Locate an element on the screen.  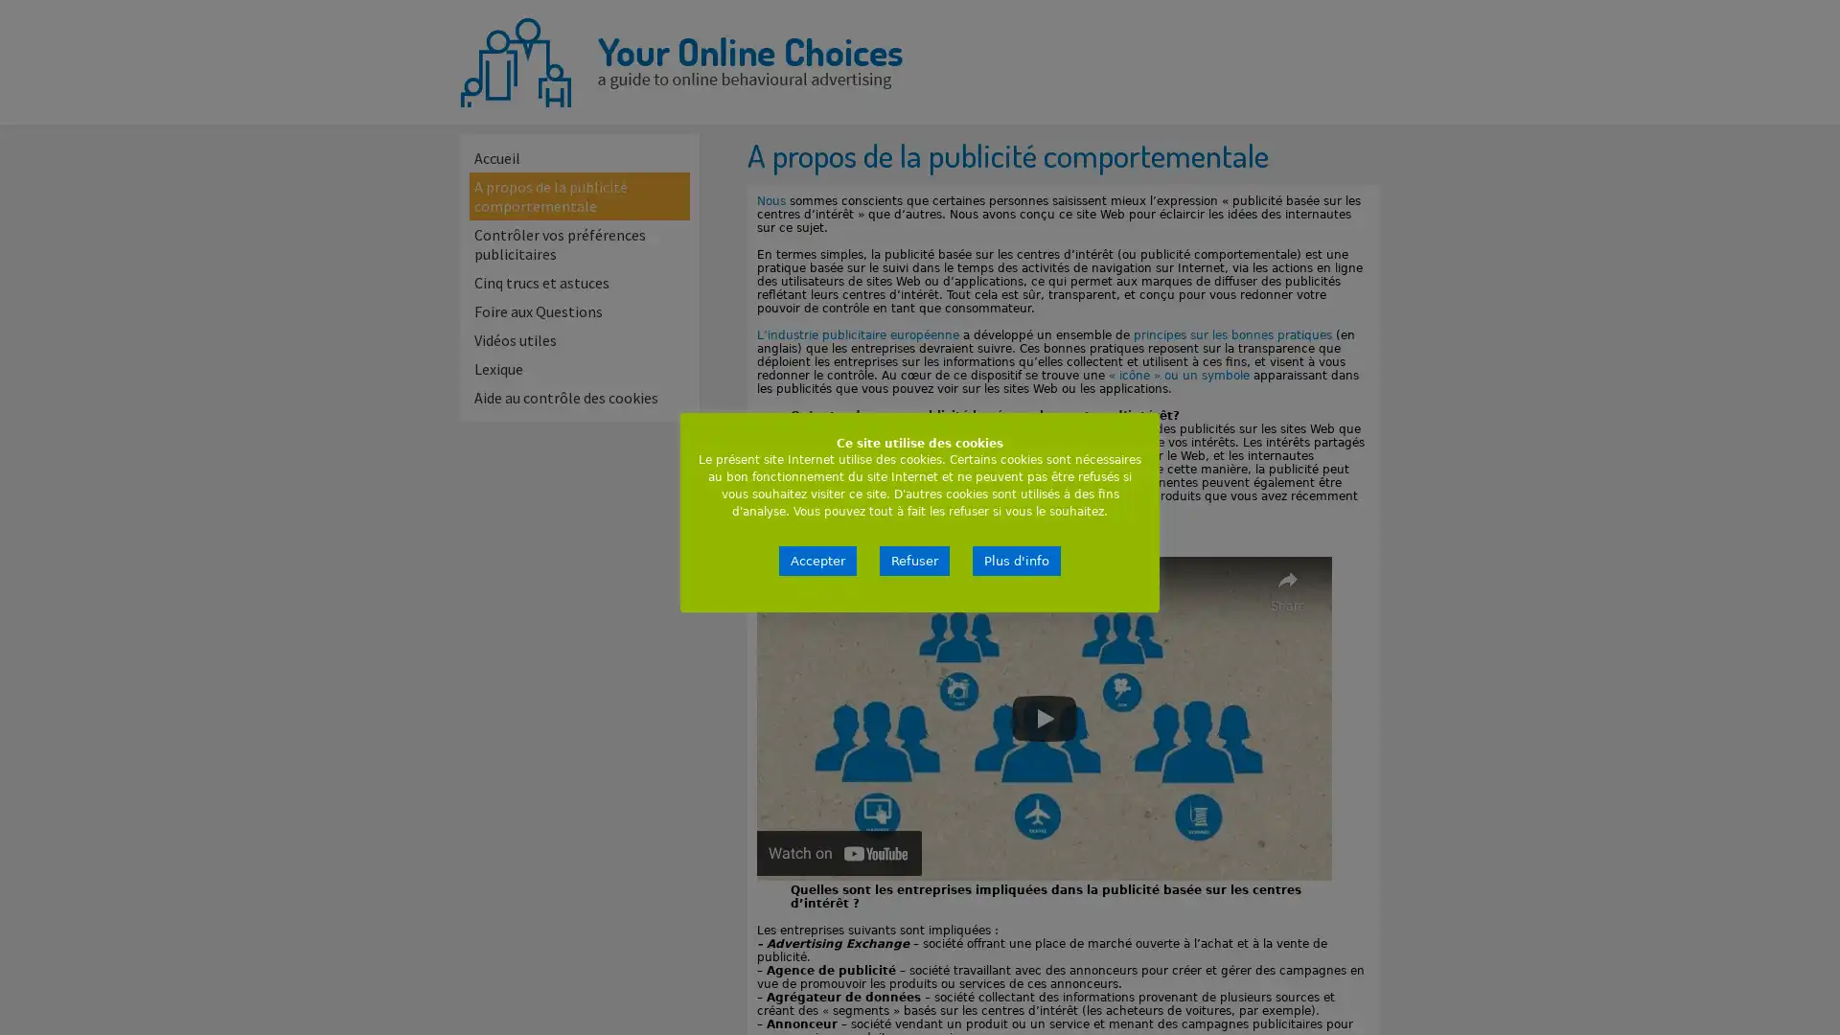
Refuser is located at coordinates (913, 561).